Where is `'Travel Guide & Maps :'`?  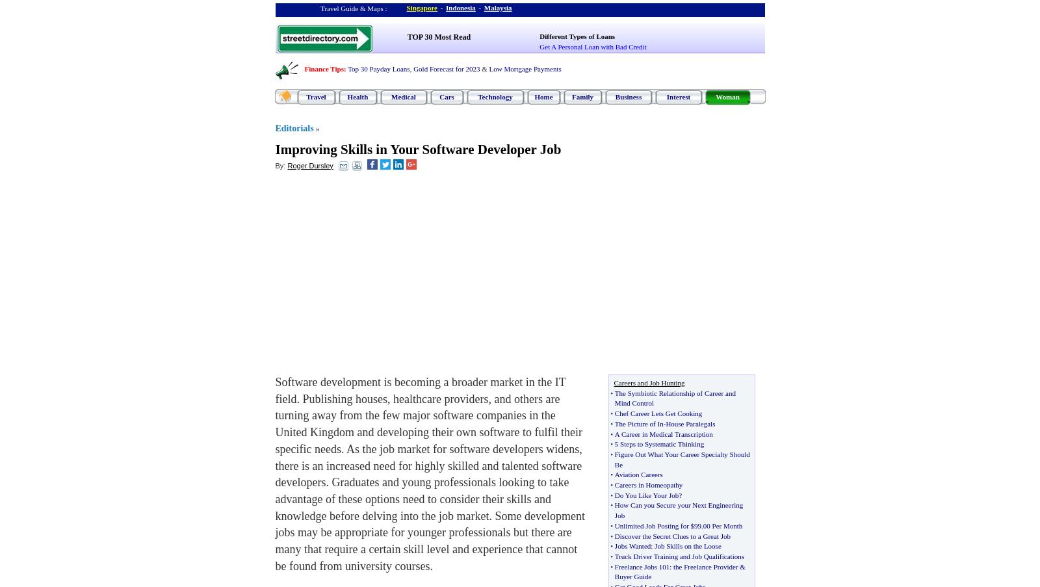
'Travel Guide & Maps :' is located at coordinates (318, 8).